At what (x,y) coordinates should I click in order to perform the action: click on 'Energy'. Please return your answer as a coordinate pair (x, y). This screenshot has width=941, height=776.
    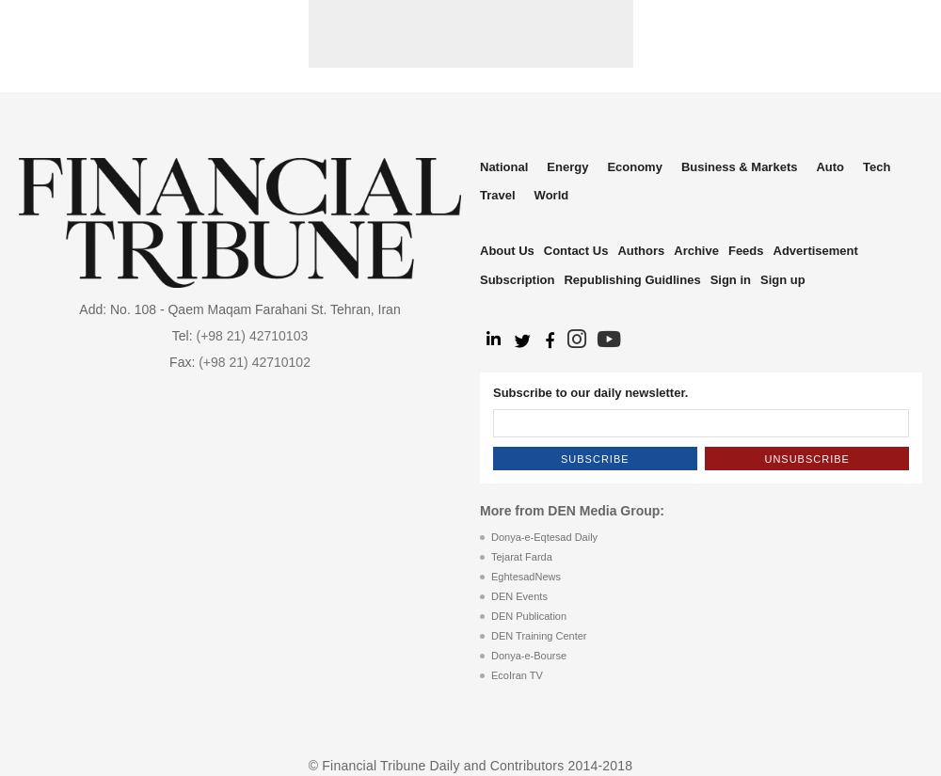
    Looking at the image, I should click on (566, 166).